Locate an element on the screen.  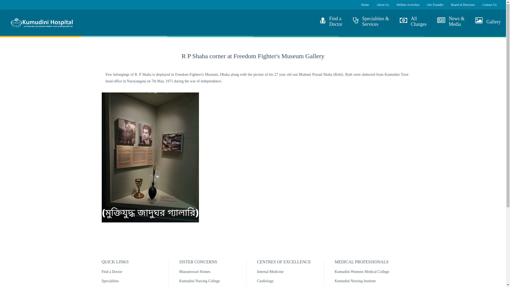
'Kumudini Womens Medical College' is located at coordinates (362, 272).